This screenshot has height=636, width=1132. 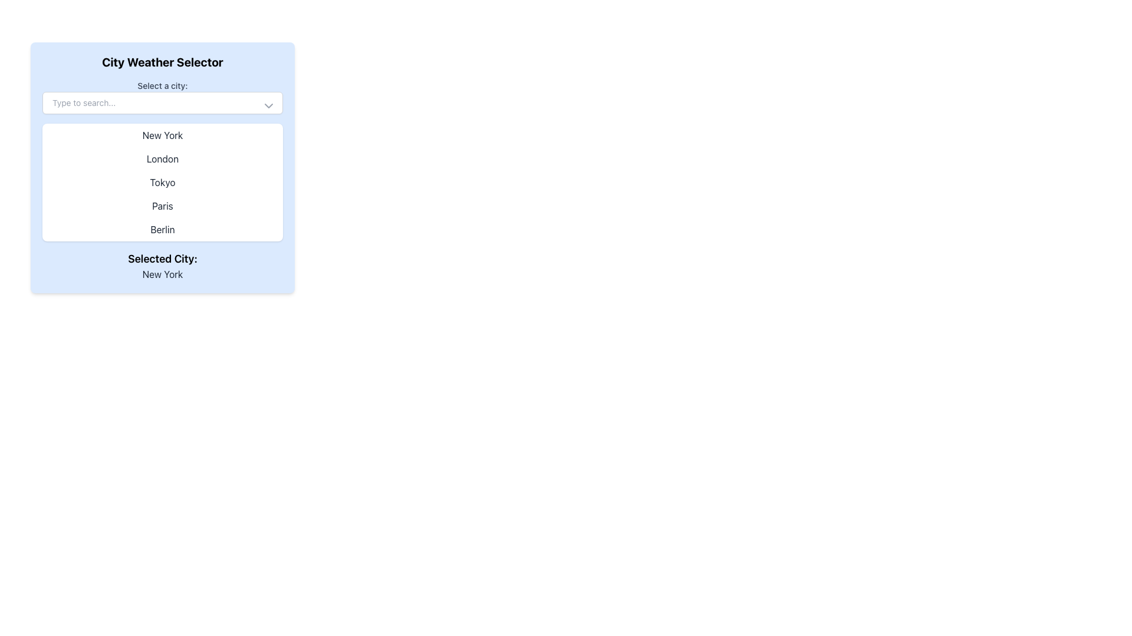 What do you see at coordinates (162, 97) in the screenshot?
I see `the chevron in the dropdown menu` at bounding box center [162, 97].